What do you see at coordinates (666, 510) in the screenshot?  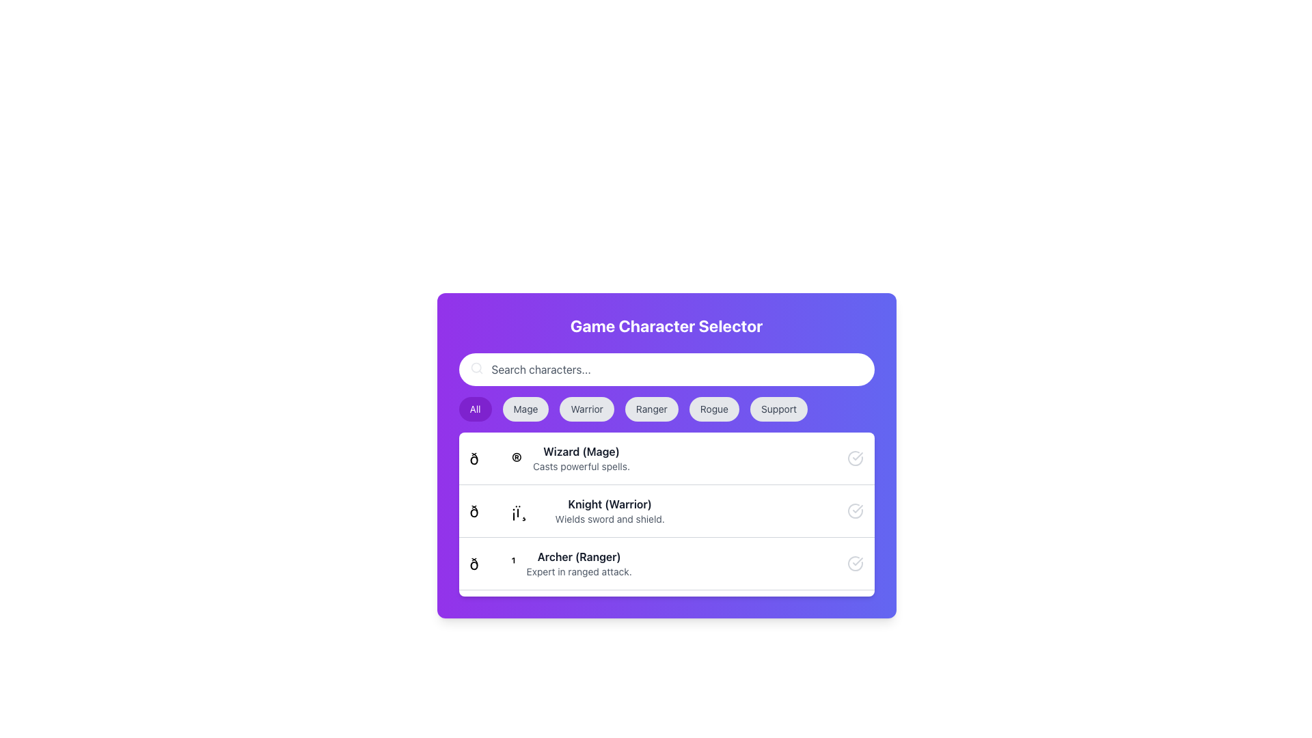 I see `the second list item` at bounding box center [666, 510].